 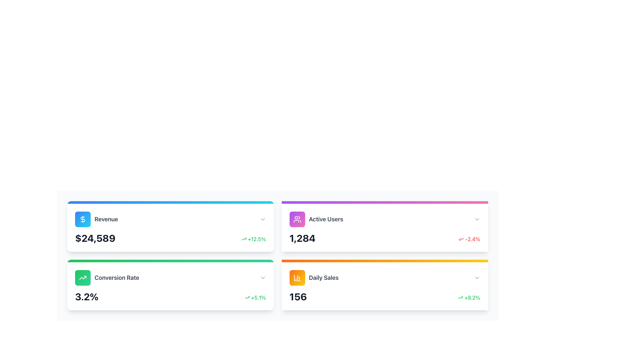 What do you see at coordinates (107, 278) in the screenshot?
I see `the conversion rate label within the dashboard card located in the second row and first column, below the 'Revenue' card` at bounding box center [107, 278].